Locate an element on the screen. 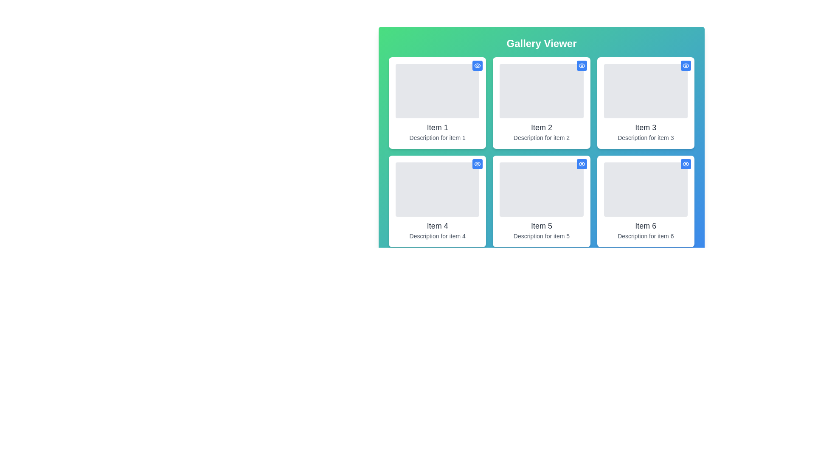 The image size is (815, 458). the visual content placeholder for 'Item 6' located in the bottom-right corner of the grid layout is located at coordinates (645, 189).